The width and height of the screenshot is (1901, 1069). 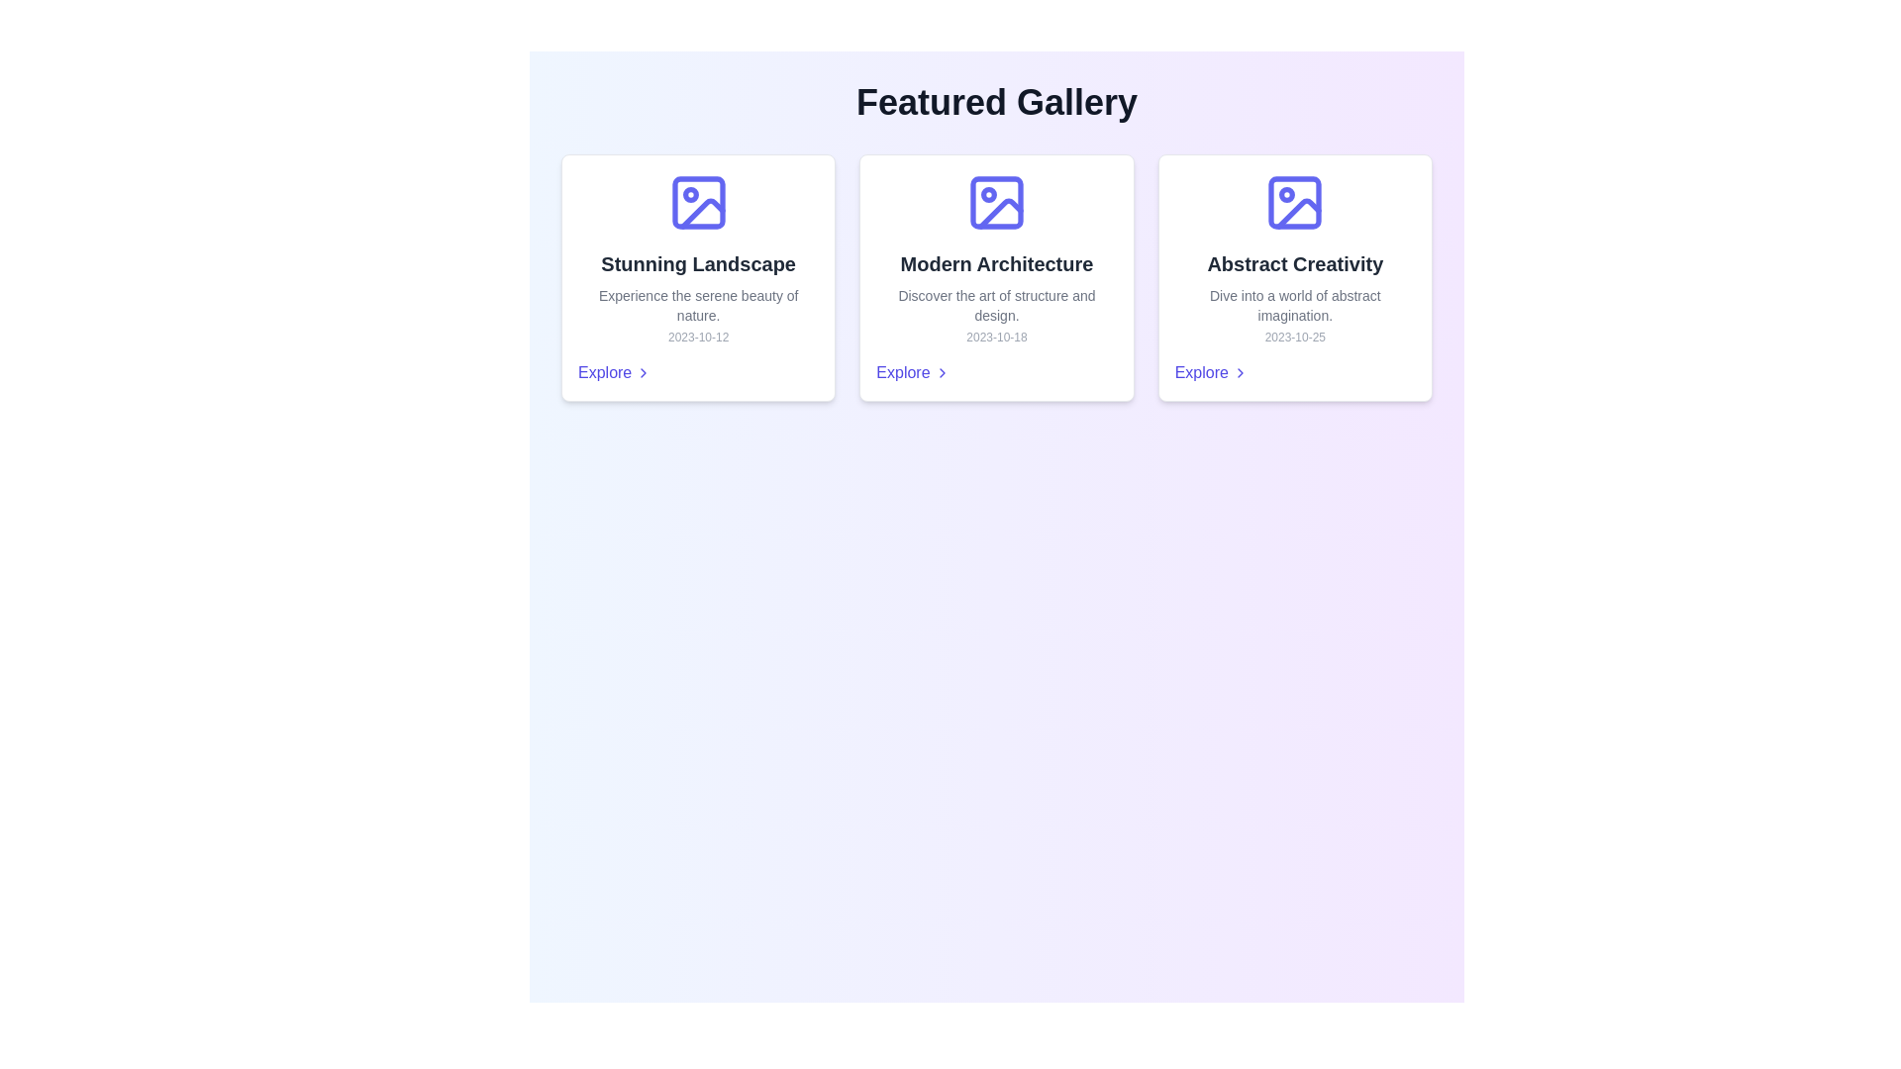 I want to click on the right-facing arrow icon of the 'Explore' link within the 'Abstract Creativity' card to trigger any available hover effects, so click(x=1239, y=373).